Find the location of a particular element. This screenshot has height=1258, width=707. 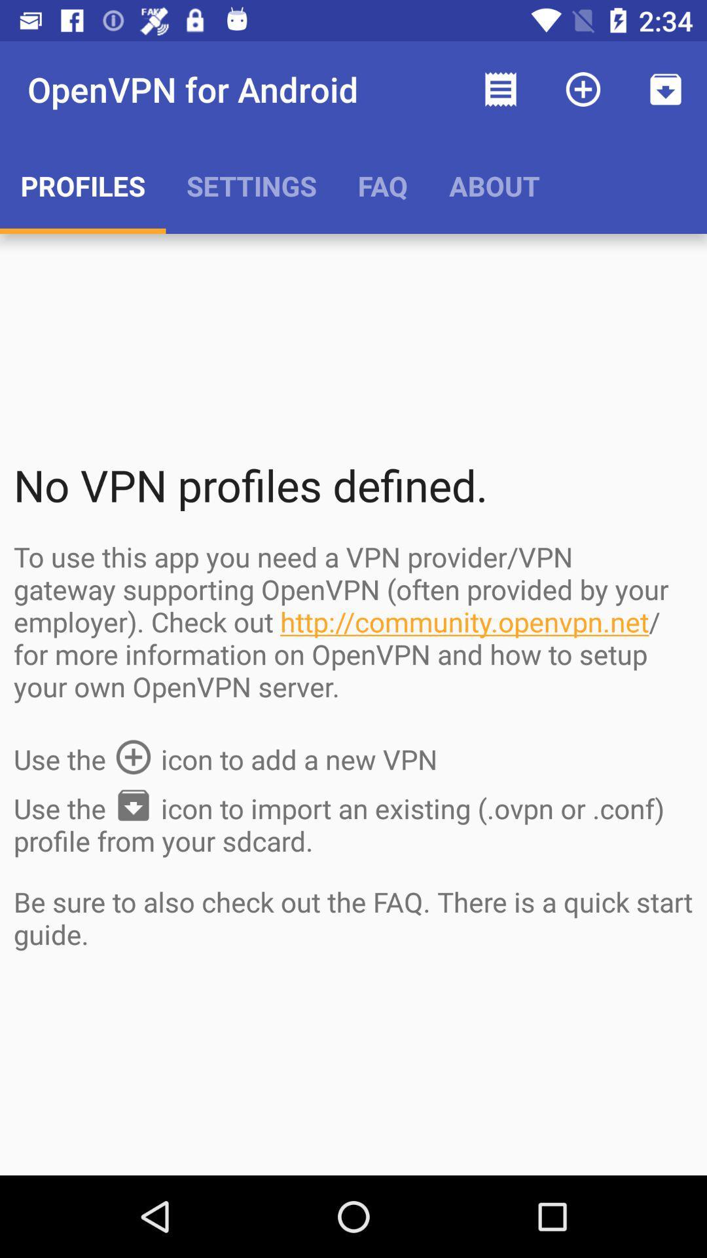

the item above the about app is located at coordinates (500, 88).